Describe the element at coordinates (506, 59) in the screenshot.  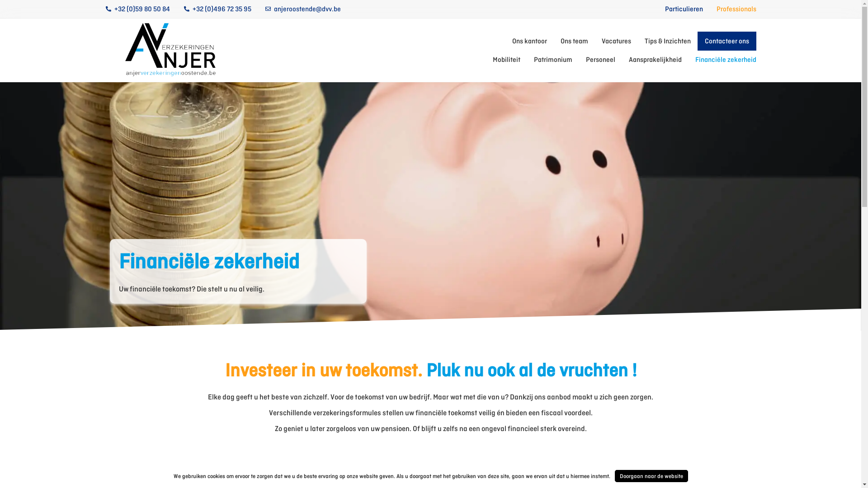
I see `'Mobiliteit'` at that location.